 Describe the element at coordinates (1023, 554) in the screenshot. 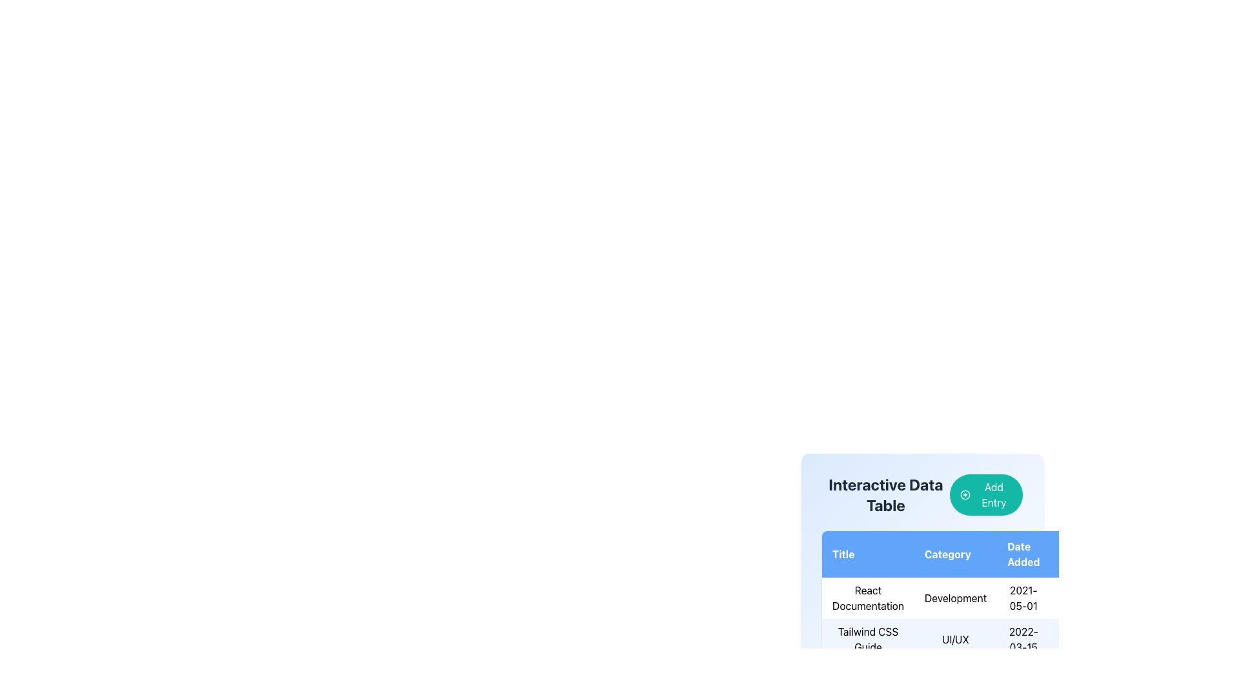

I see `the 'Date Added' table header, which is the third item in a horizontal header row, featuring white text on a light blue background` at that location.